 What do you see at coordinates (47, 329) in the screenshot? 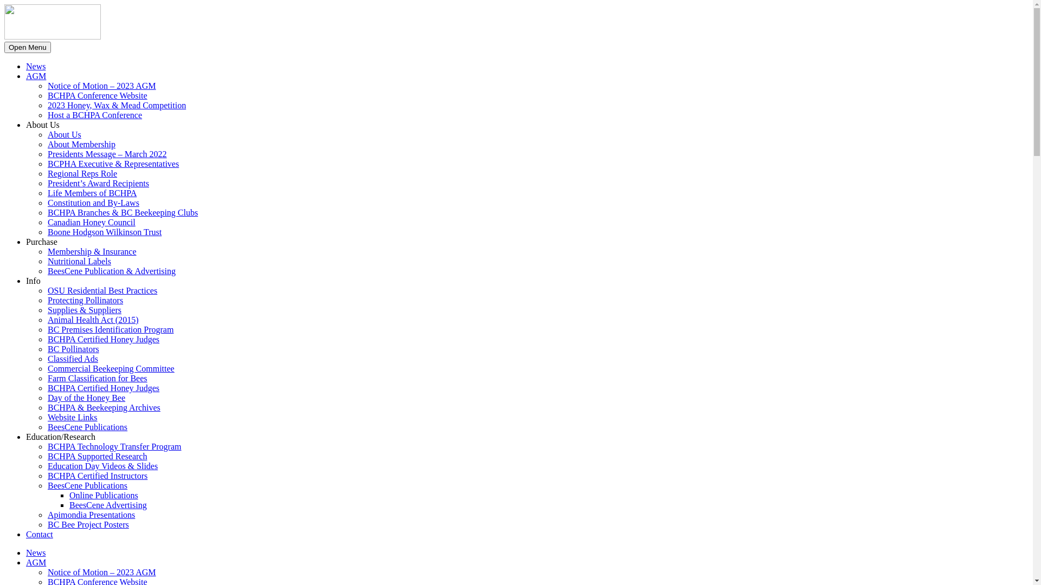
I see `'BC Premises Identification Program'` at bounding box center [47, 329].